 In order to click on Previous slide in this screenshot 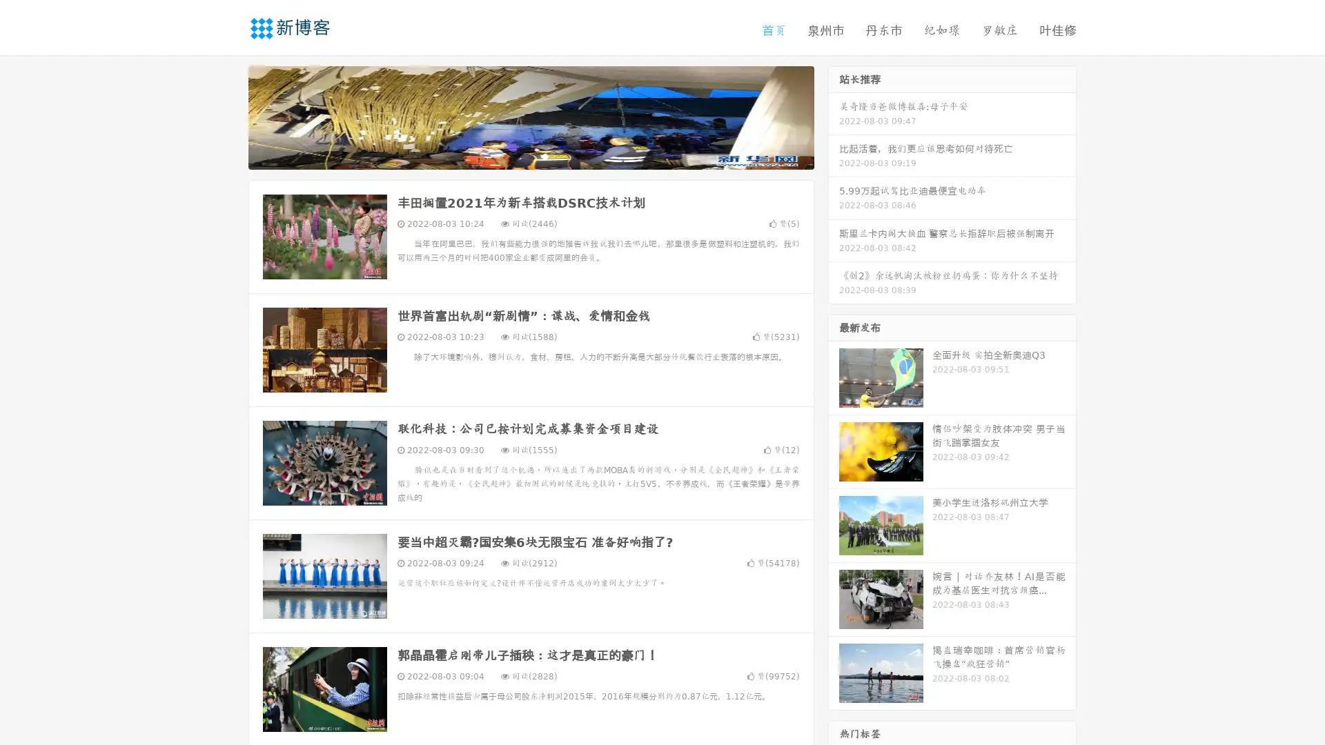, I will do `click(228, 116)`.